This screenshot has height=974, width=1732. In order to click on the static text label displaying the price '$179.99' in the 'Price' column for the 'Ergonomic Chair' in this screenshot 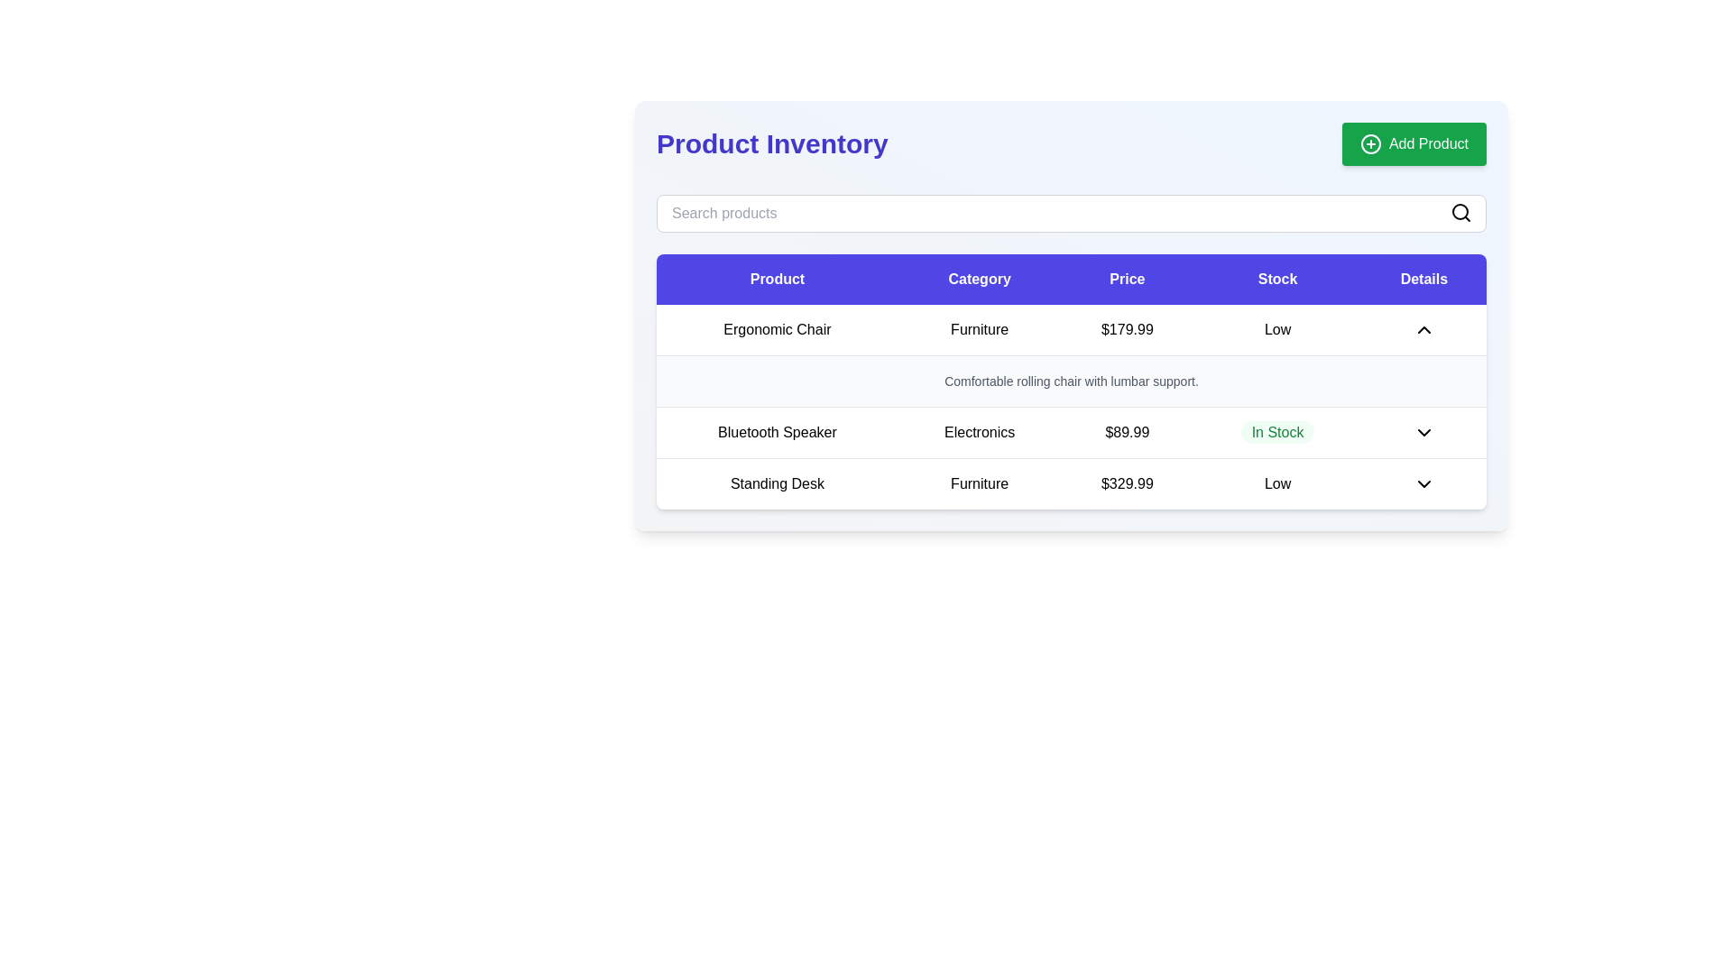, I will do `click(1126, 330)`.